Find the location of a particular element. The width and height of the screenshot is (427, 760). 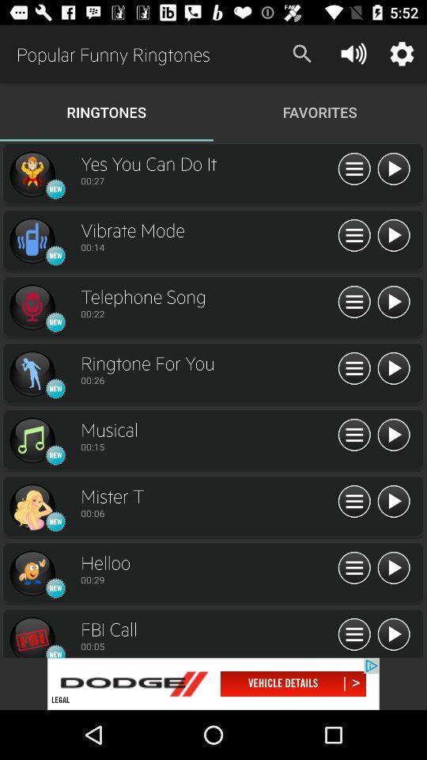

musical ringtone is located at coordinates (32, 440).